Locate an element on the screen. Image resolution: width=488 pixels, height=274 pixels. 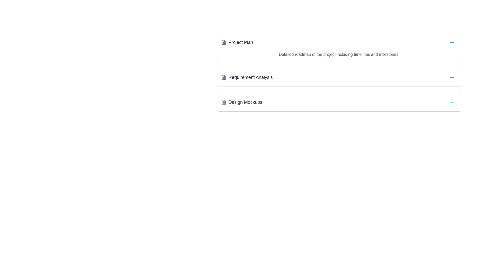
the 'Project Plan' text label, which is styled in dark gray and serves as a prominent title next to a document icon is located at coordinates (240, 42).